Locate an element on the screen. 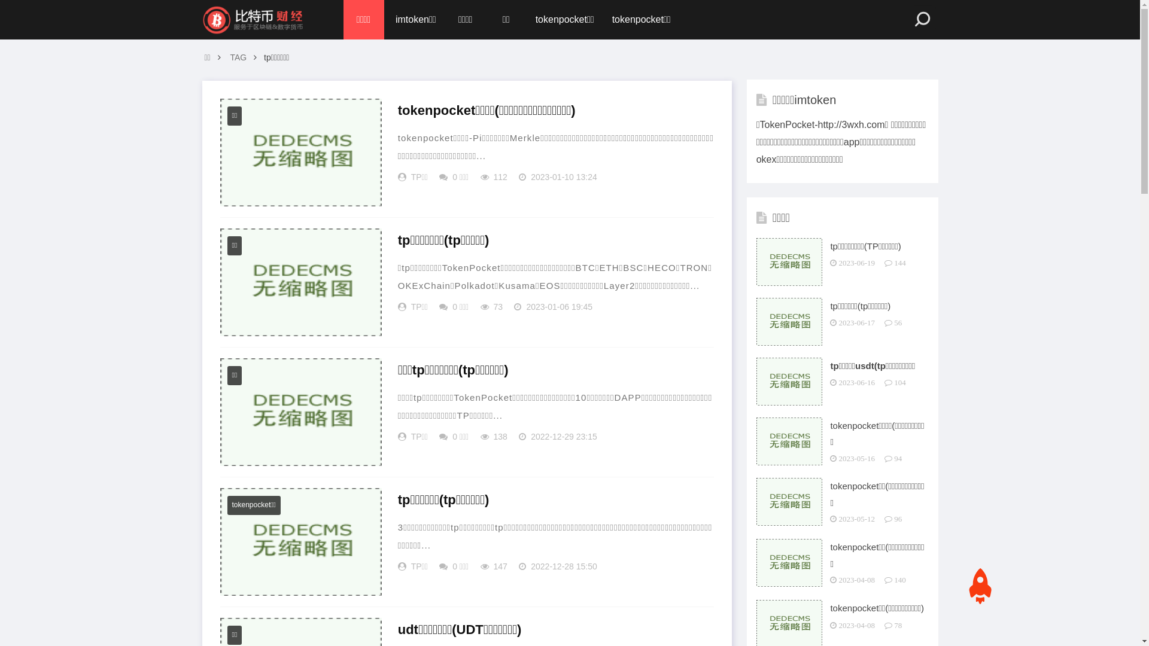 Image resolution: width=1149 pixels, height=646 pixels. 'TAG' is located at coordinates (238, 57).